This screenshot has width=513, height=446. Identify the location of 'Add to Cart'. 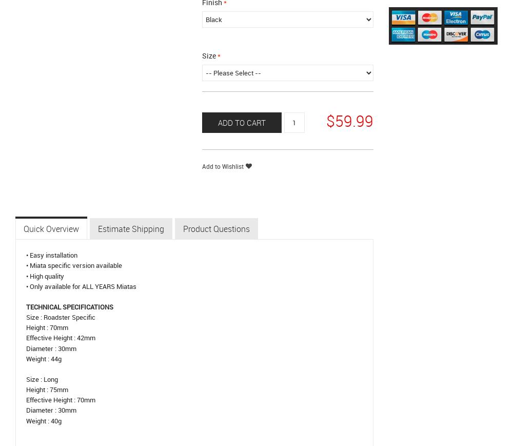
(241, 122).